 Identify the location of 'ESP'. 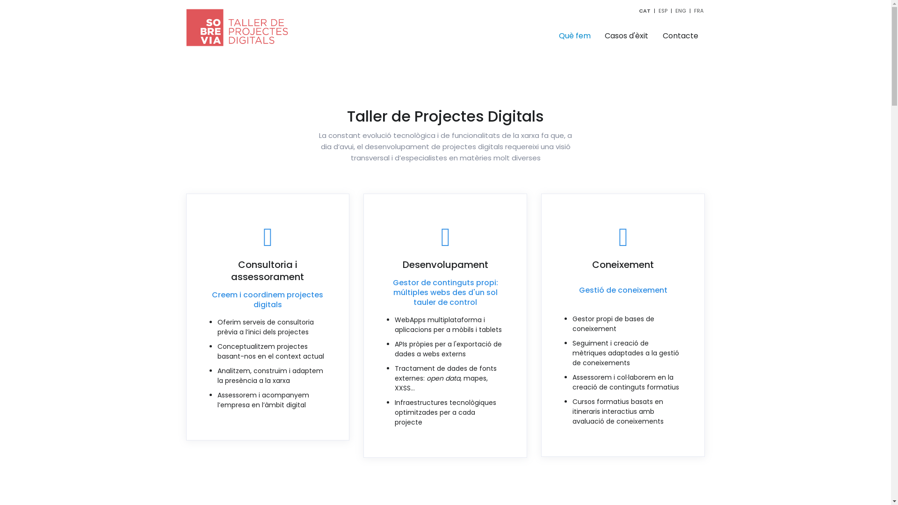
(658, 11).